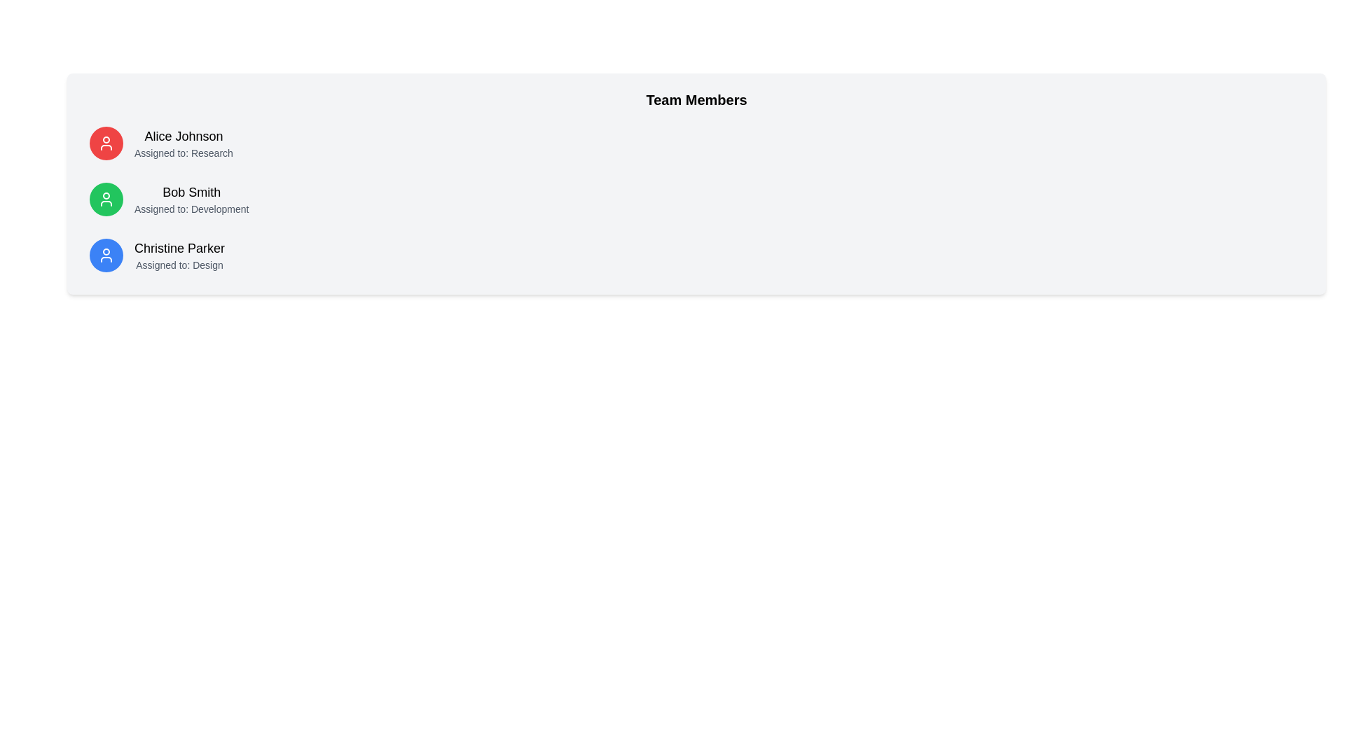 This screenshot has height=756, width=1345. What do you see at coordinates (106, 199) in the screenshot?
I see `the graphical avatar element for the team member named 'Bob Smith', which is visually identifiable and located below Alice Johnson's avatar in the 'Team Members' section` at bounding box center [106, 199].